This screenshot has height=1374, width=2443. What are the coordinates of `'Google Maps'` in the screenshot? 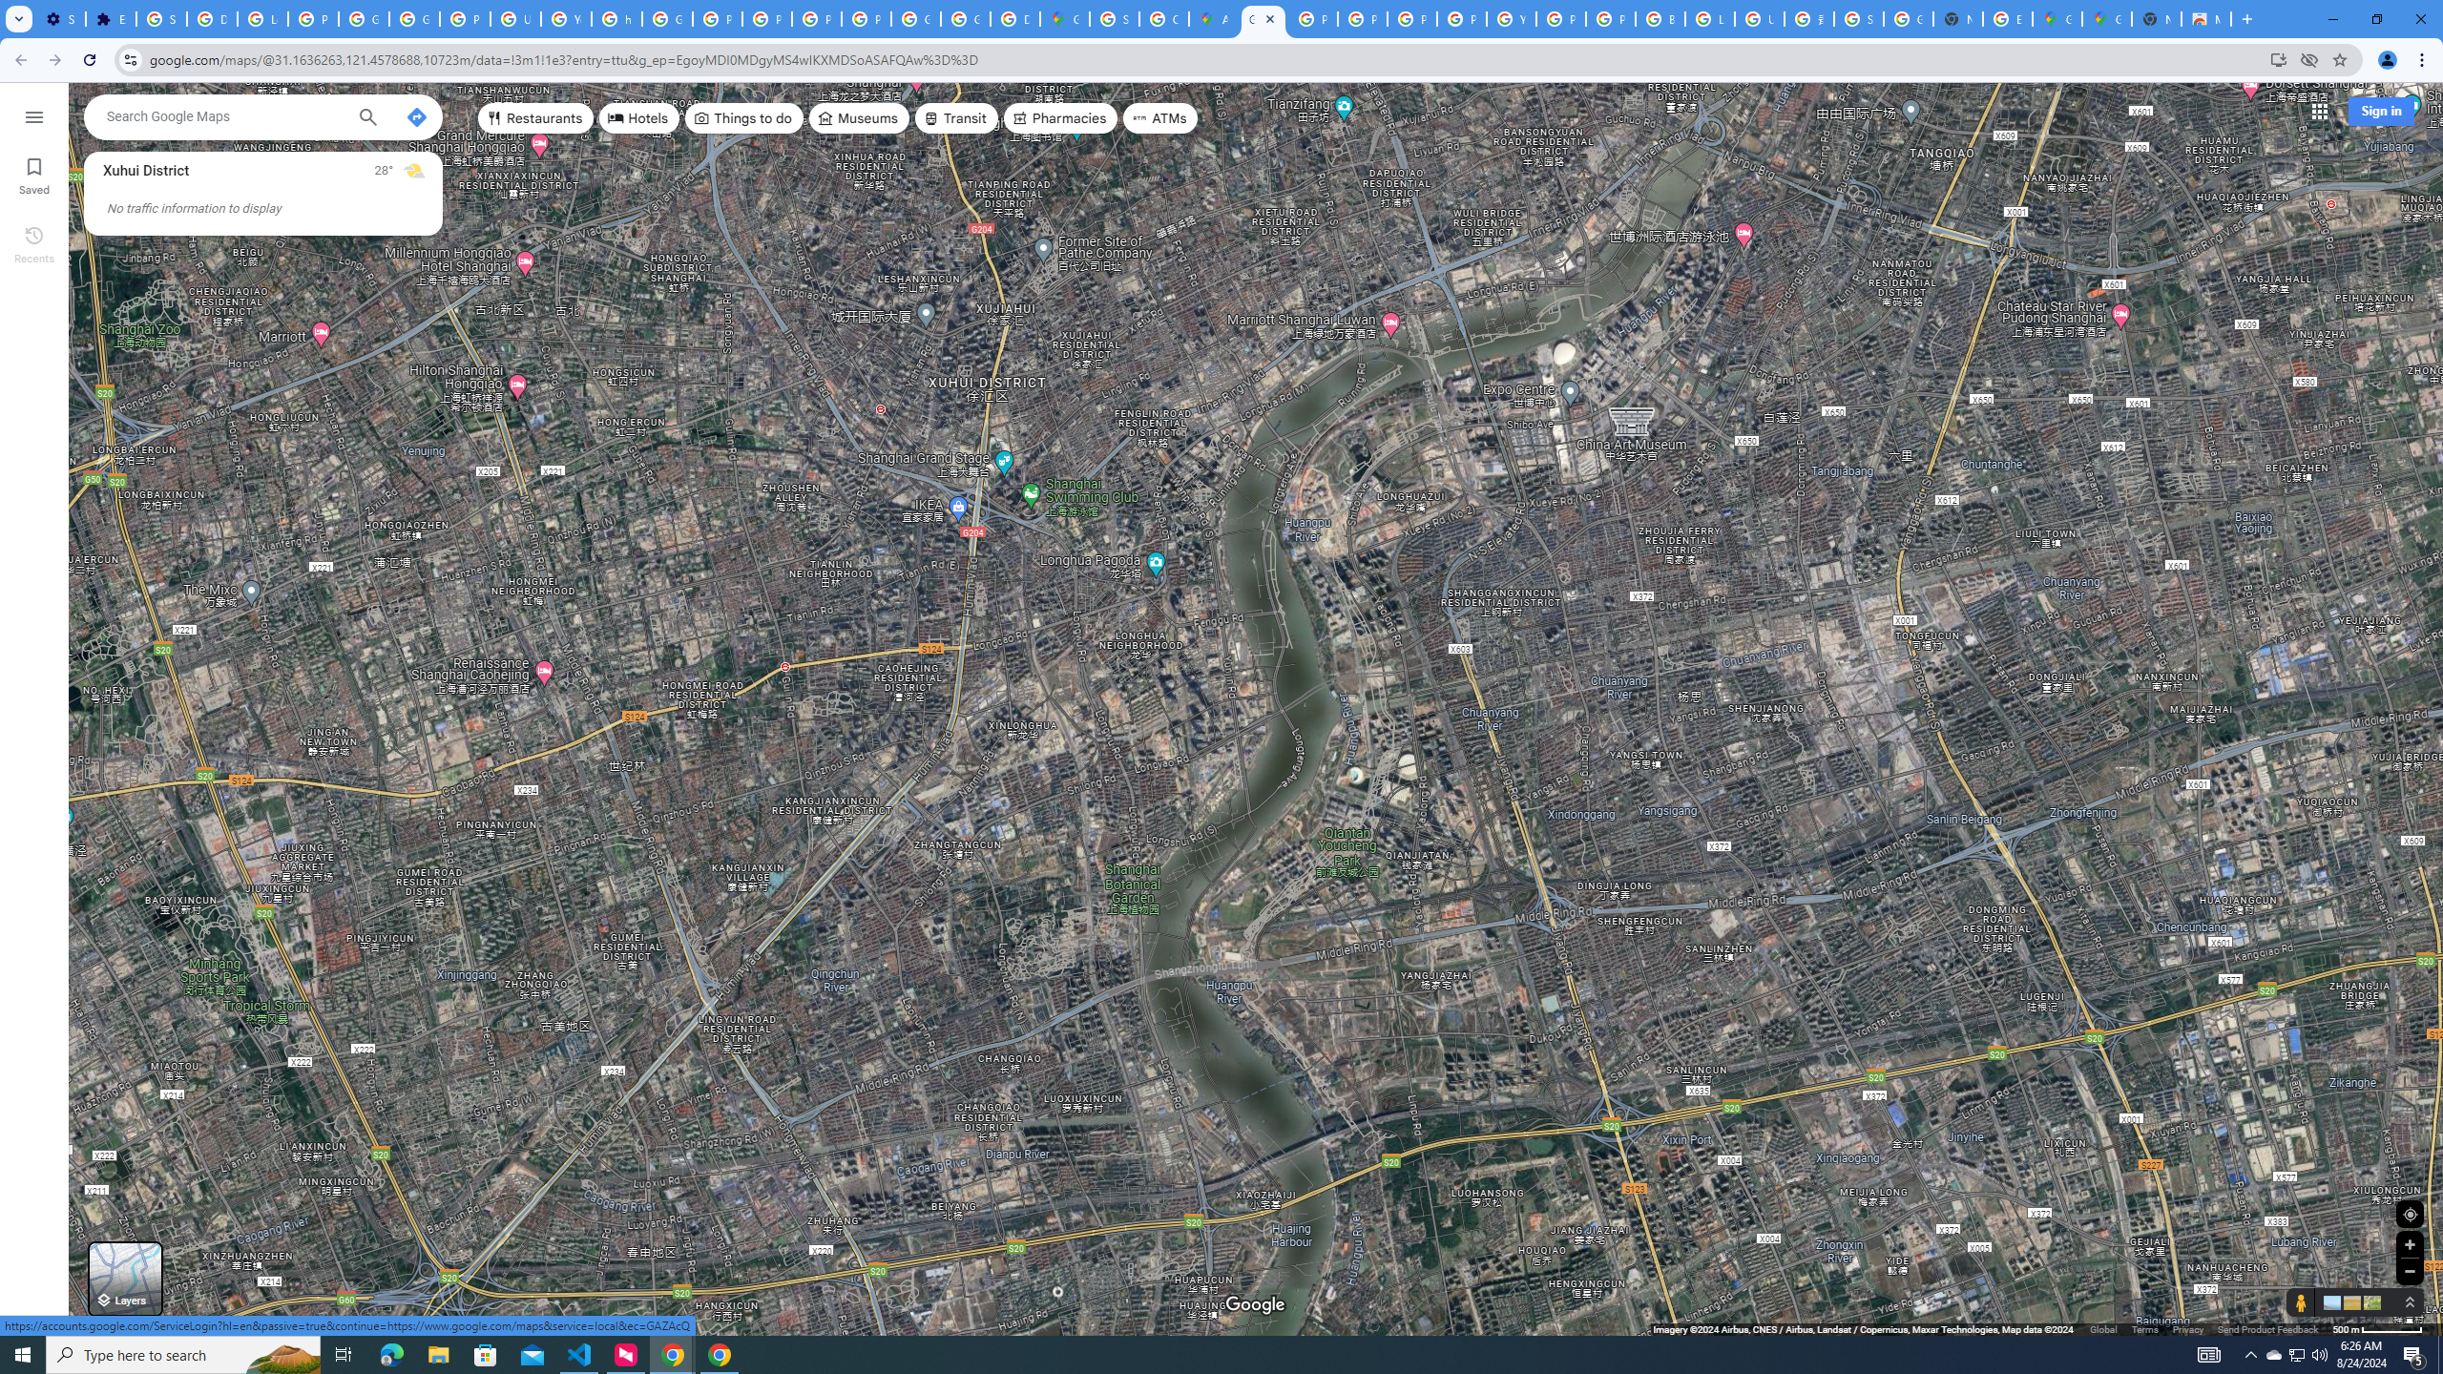 It's located at (1263, 18).